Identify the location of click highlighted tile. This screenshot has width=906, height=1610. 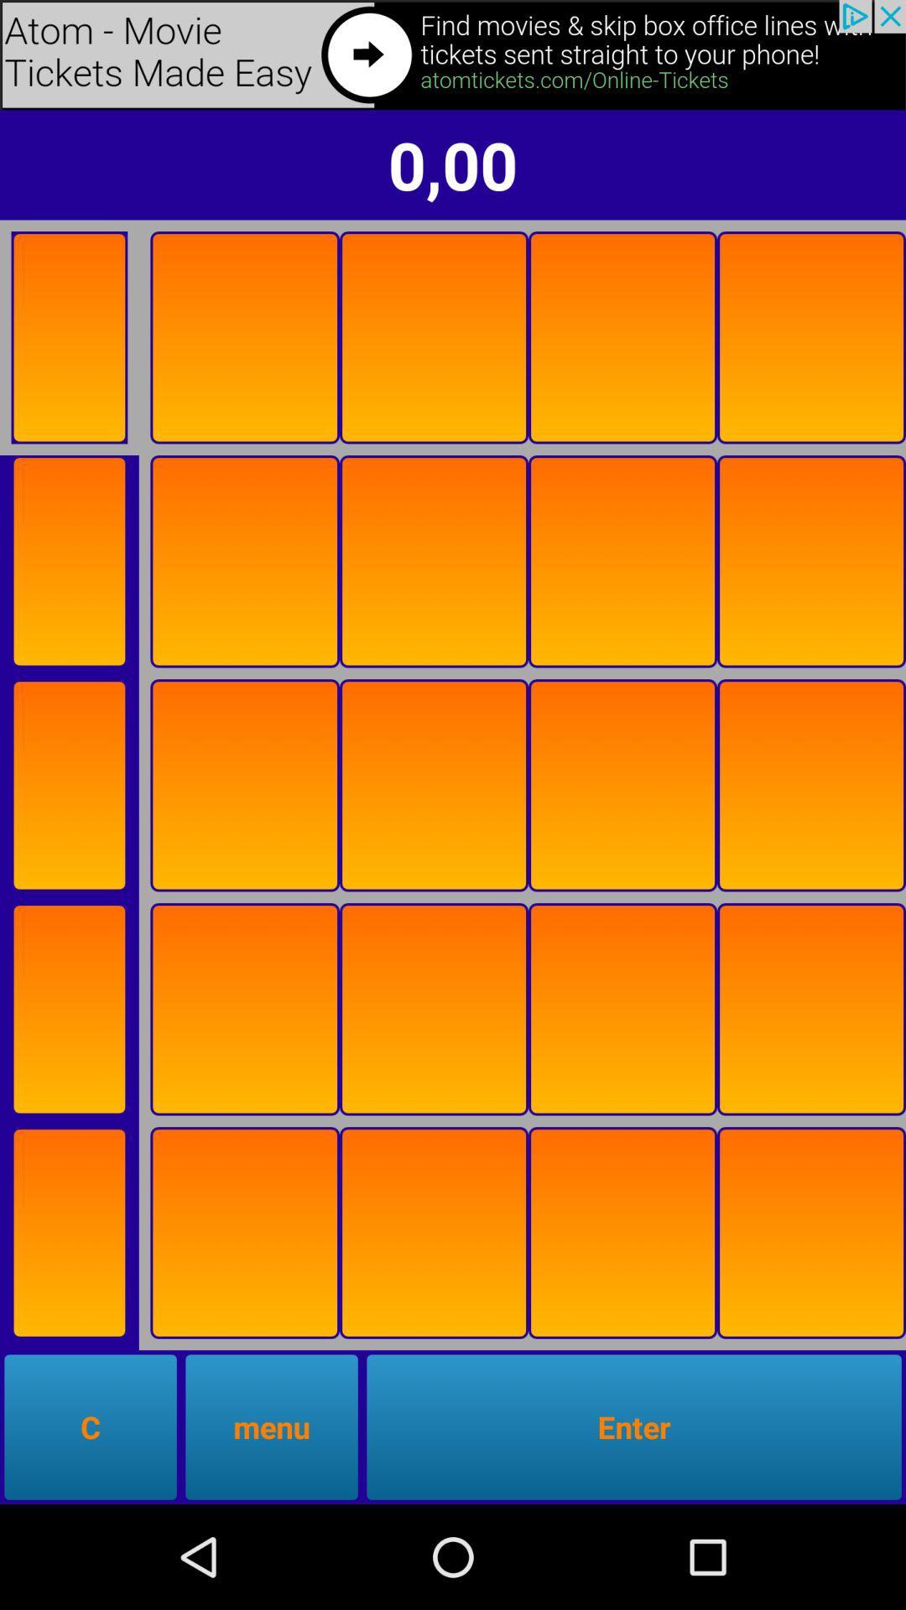
(245, 784).